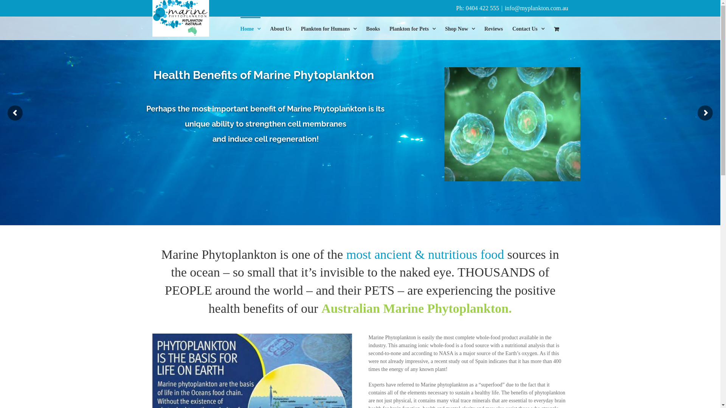 This screenshot has width=726, height=408. What do you see at coordinates (373, 28) in the screenshot?
I see `'Books'` at bounding box center [373, 28].